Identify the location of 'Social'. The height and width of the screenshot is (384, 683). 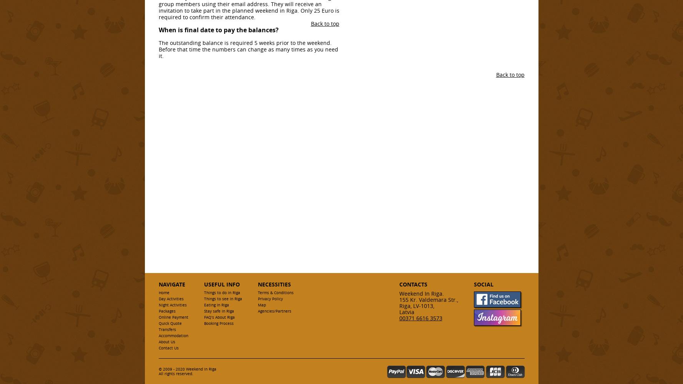
(483, 284).